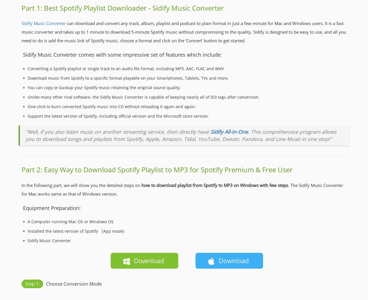  Describe the element at coordinates (118, 116) in the screenshot. I see `'Support the latest version of Spotify, including official version and the Microsoft store version.'` at that location.